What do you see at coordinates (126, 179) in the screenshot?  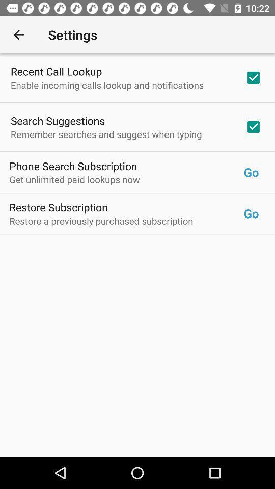 I see `item to the left of go item` at bounding box center [126, 179].